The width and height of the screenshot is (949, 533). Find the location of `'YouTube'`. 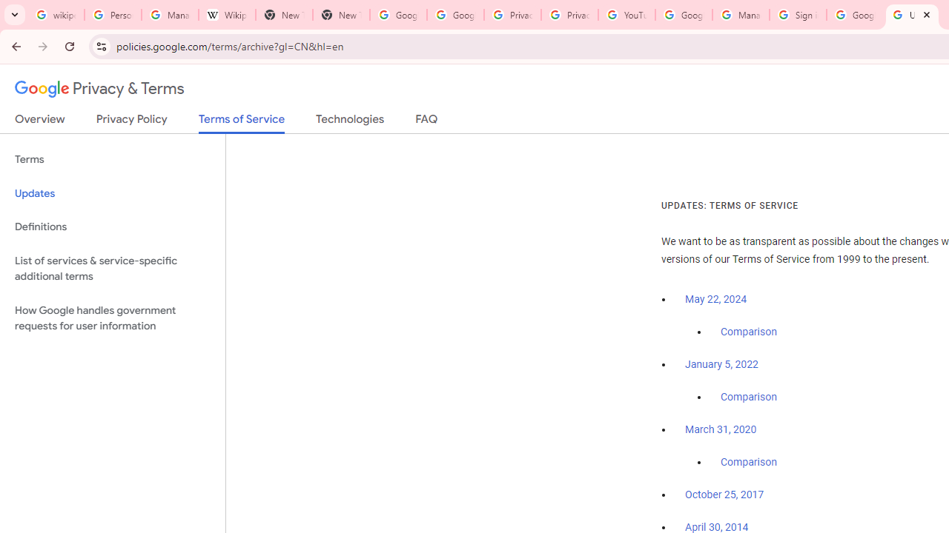

'YouTube' is located at coordinates (626, 15).